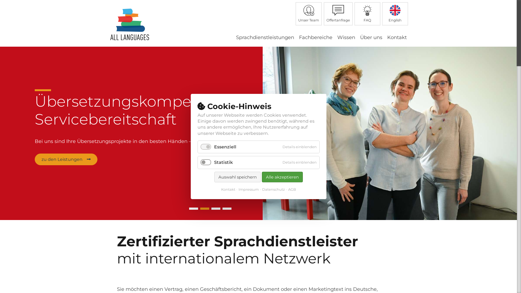  Describe the element at coordinates (299, 162) in the screenshot. I see `'Details einblenden'` at that location.